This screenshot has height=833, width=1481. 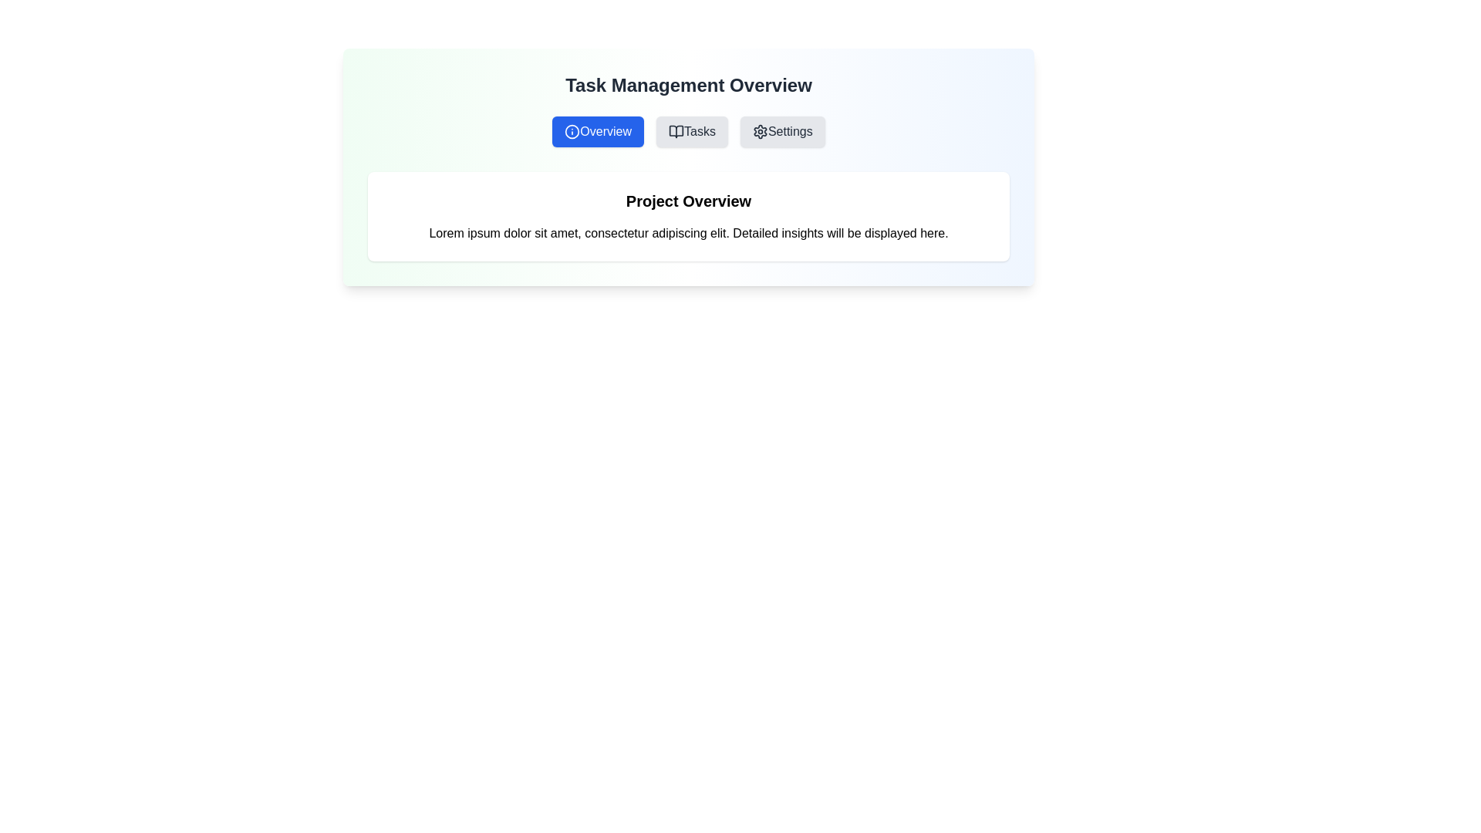 What do you see at coordinates (572, 130) in the screenshot?
I see `the circular outline icon with a centered dot inside it, which is located to the left of the blue-colored button labeled 'Overview' in the top section of the interface` at bounding box center [572, 130].